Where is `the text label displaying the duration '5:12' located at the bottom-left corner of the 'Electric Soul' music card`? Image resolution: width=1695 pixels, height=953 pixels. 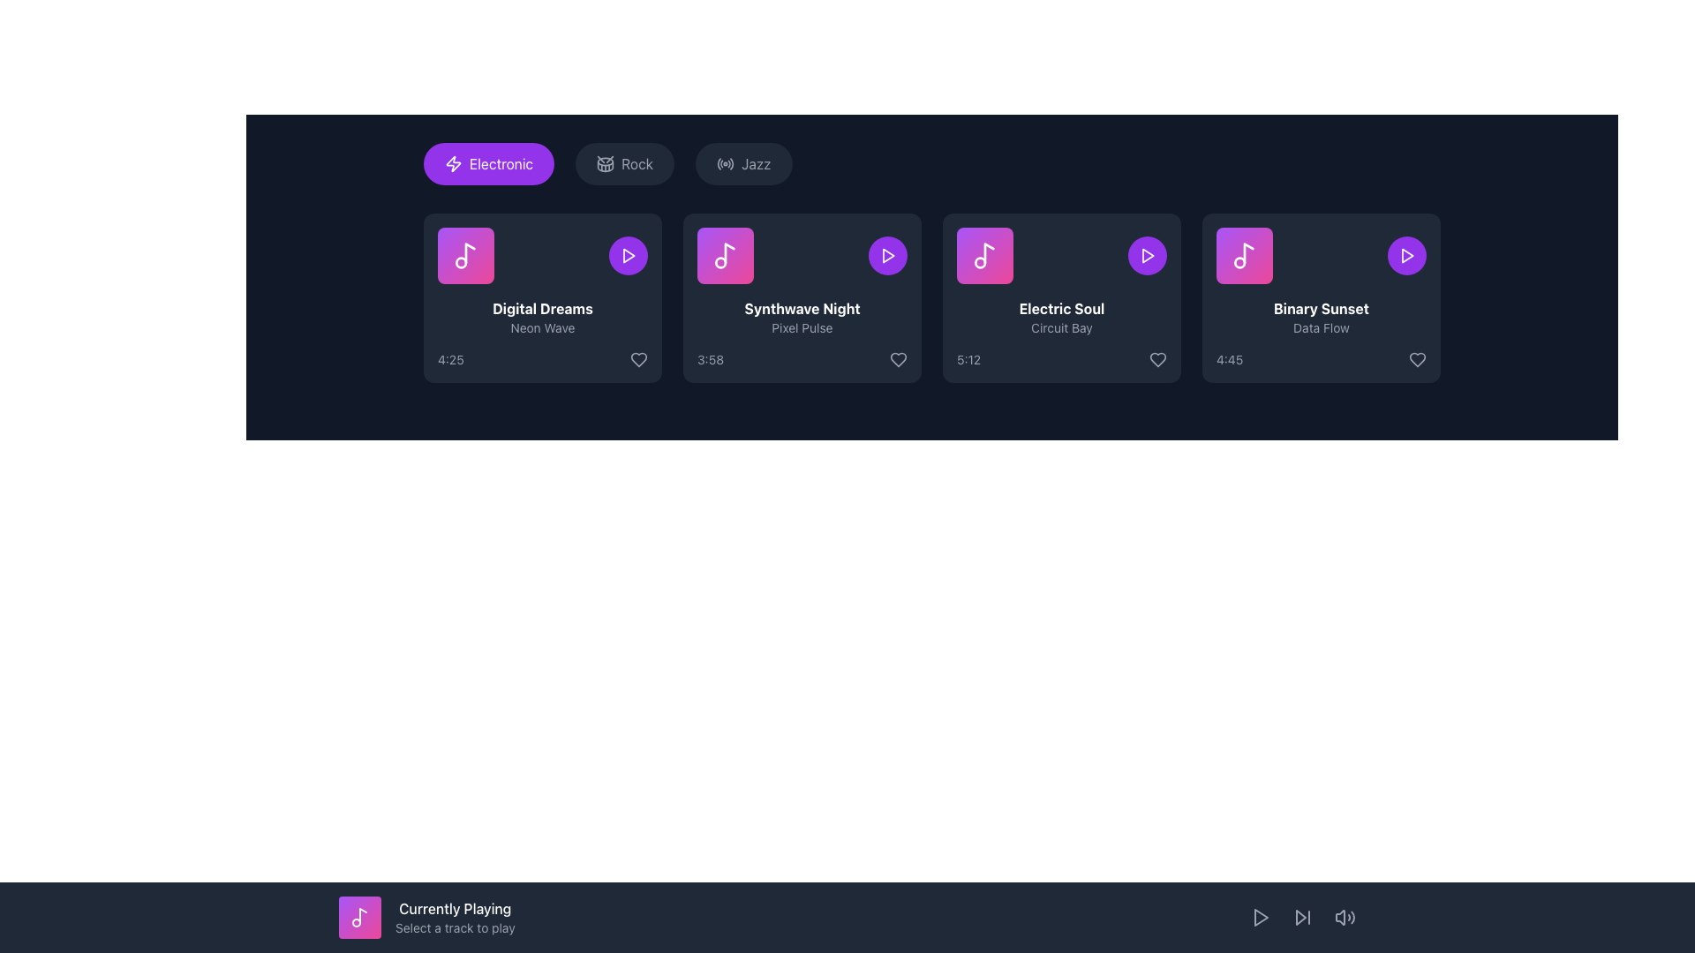
the text label displaying the duration '5:12' located at the bottom-left corner of the 'Electric Soul' music card is located at coordinates (968, 359).